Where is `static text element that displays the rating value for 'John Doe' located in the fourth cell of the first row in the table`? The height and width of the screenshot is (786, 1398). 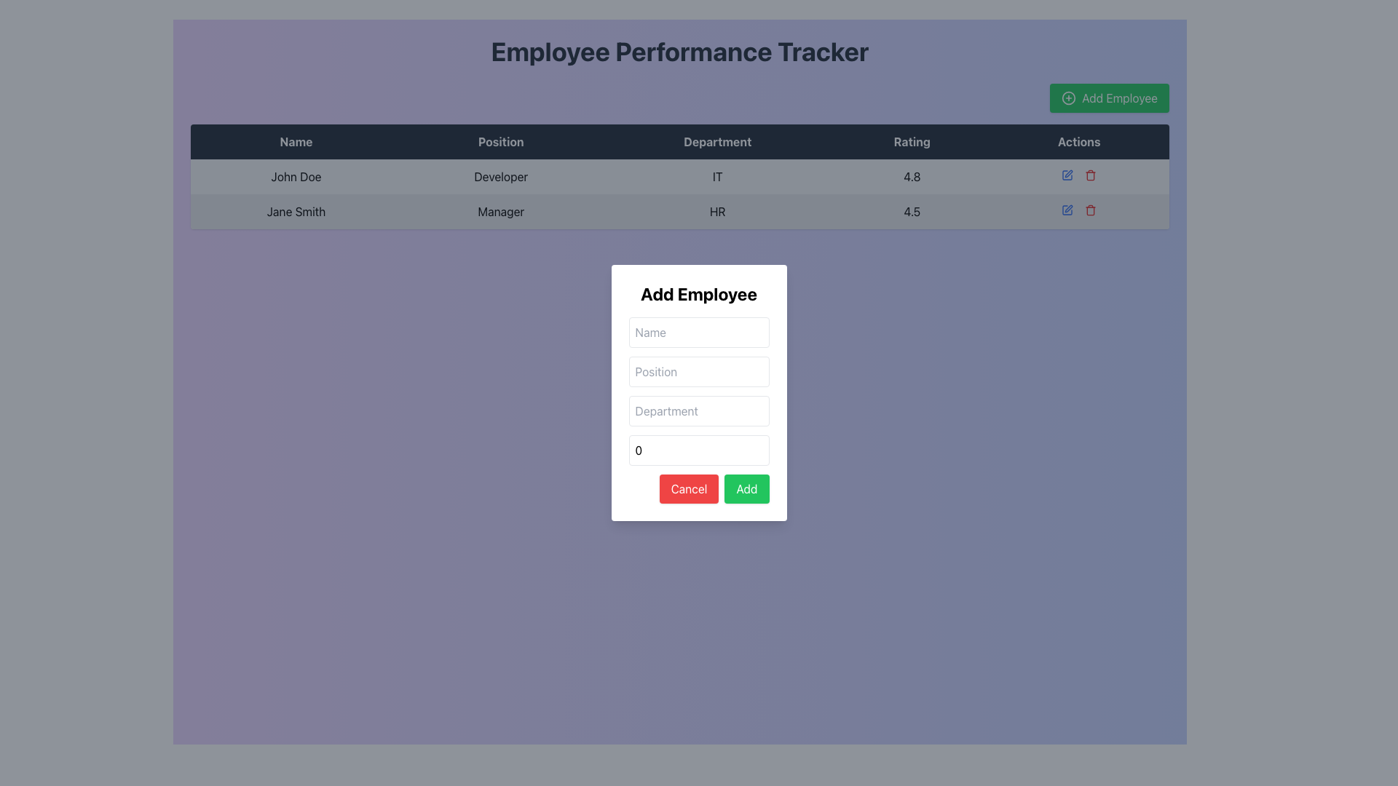 static text element that displays the rating value for 'John Doe' located in the fourth cell of the first row in the table is located at coordinates (911, 176).